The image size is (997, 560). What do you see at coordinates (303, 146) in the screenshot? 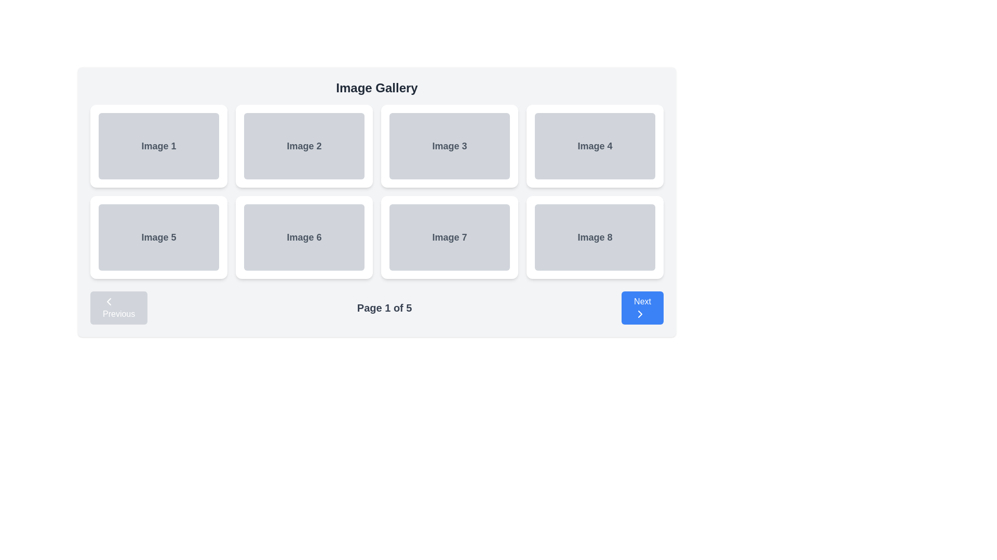
I see `the text label that serves as a title for the second rectangular block in the first row of the grid-like image gallery layout` at bounding box center [303, 146].